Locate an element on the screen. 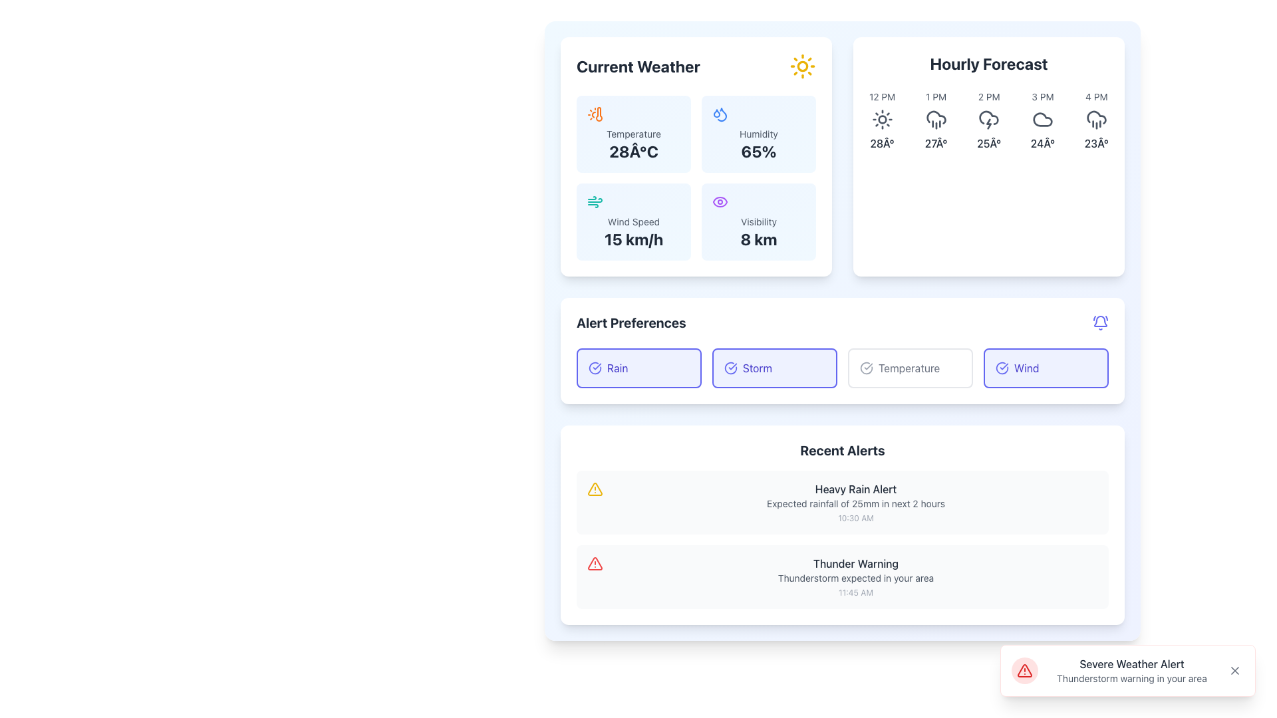 The image size is (1277, 718). the close button icon in the bottom-right corner of the alert box is located at coordinates (1234, 671).